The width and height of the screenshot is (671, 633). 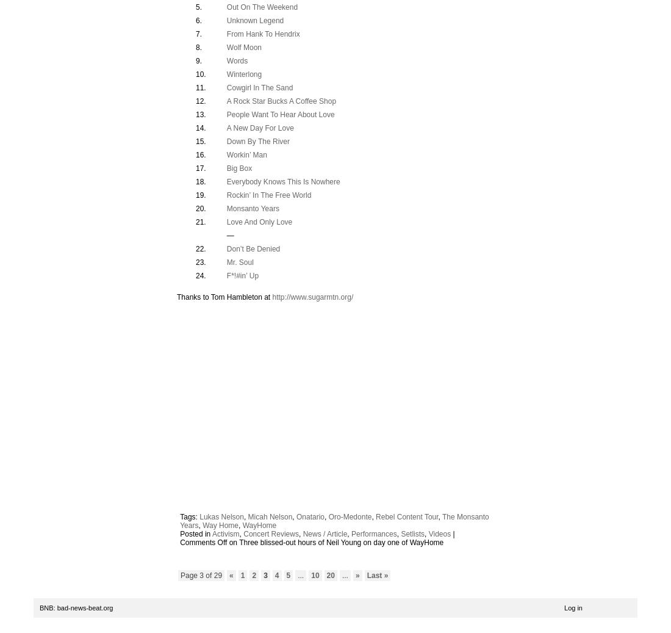 I want to click on '14.', so click(x=200, y=126).